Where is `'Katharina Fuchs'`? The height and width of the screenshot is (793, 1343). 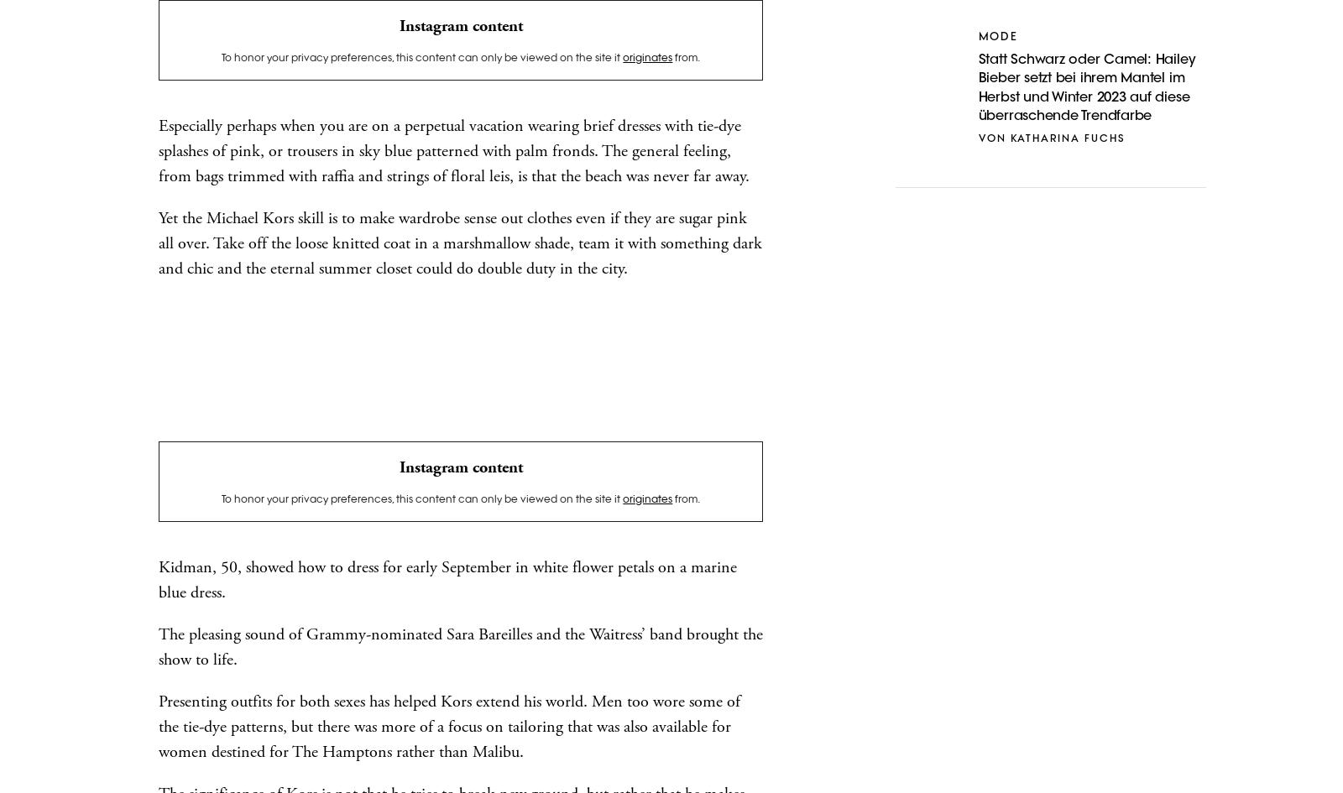
'Katharina Fuchs' is located at coordinates (1066, 139).